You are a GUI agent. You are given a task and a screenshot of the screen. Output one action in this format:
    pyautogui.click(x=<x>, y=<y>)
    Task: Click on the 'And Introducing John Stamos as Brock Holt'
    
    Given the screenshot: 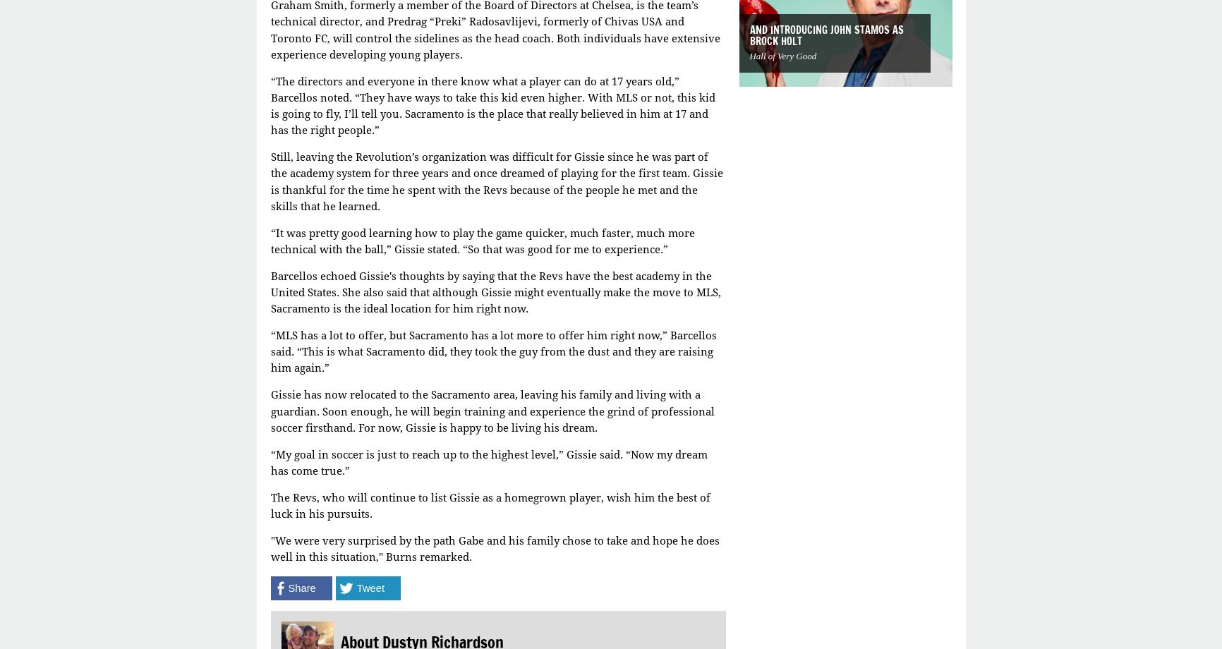 What is the action you would take?
    pyautogui.click(x=749, y=35)
    